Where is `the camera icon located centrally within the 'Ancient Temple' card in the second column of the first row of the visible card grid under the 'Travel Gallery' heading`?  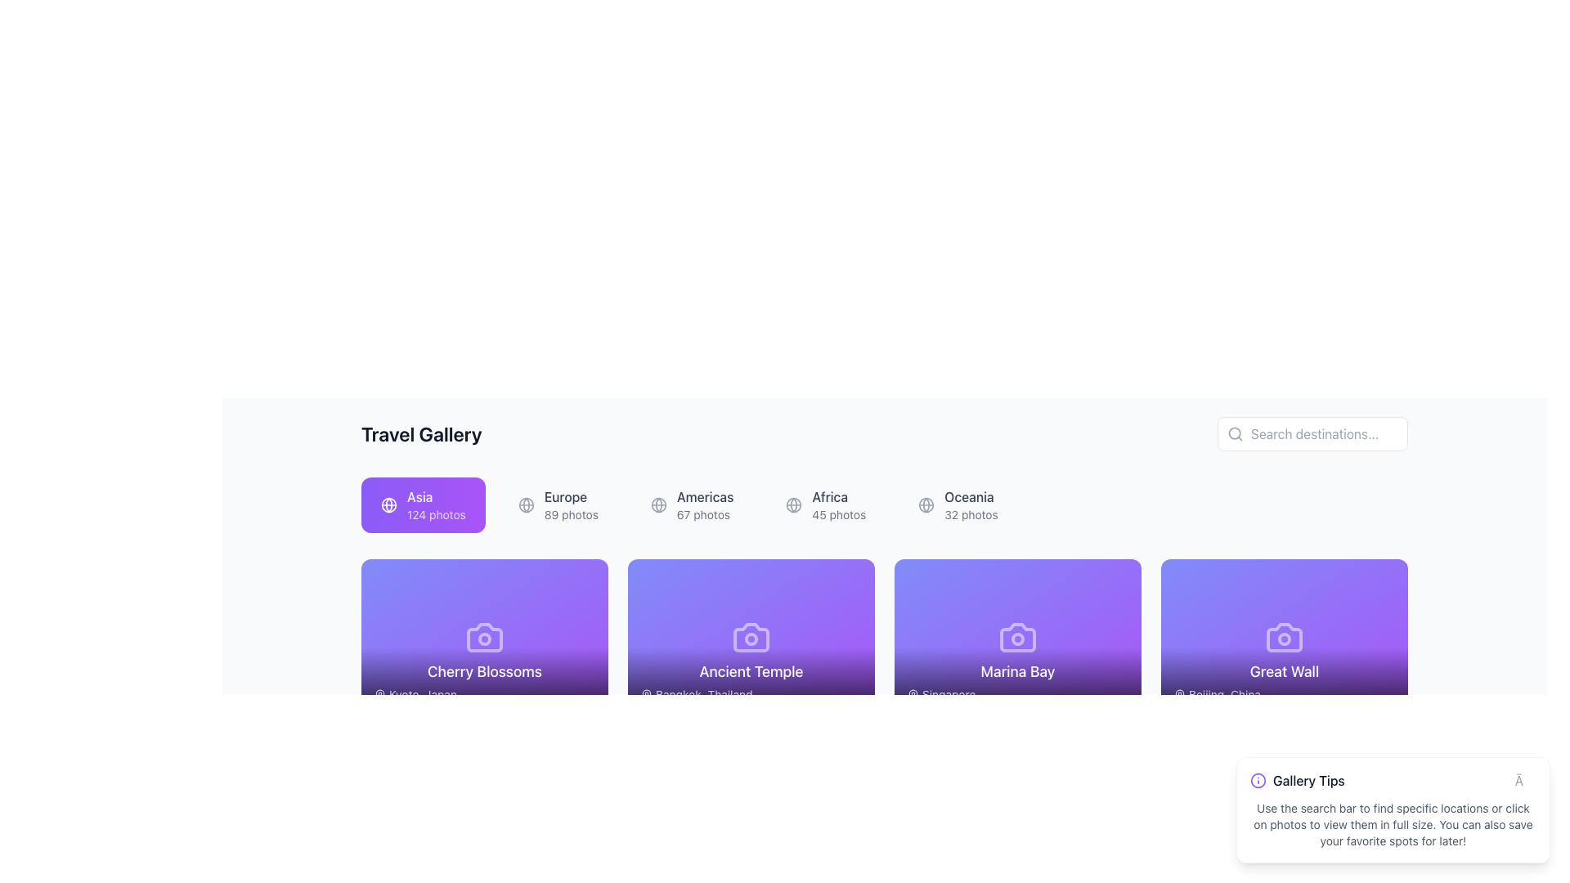
the camera icon located centrally within the 'Ancient Temple' card in the second column of the first row of the visible card grid under the 'Travel Gallery' heading is located at coordinates (750, 636).